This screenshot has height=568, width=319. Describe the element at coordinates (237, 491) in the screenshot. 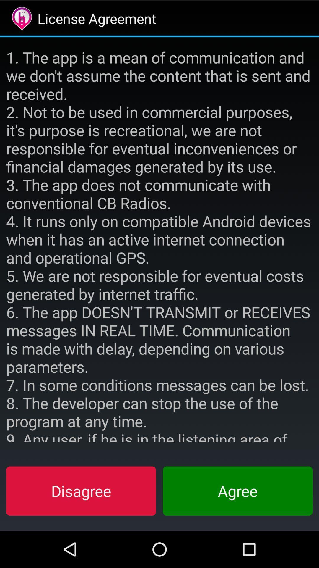

I see `item at the bottom right corner` at that location.